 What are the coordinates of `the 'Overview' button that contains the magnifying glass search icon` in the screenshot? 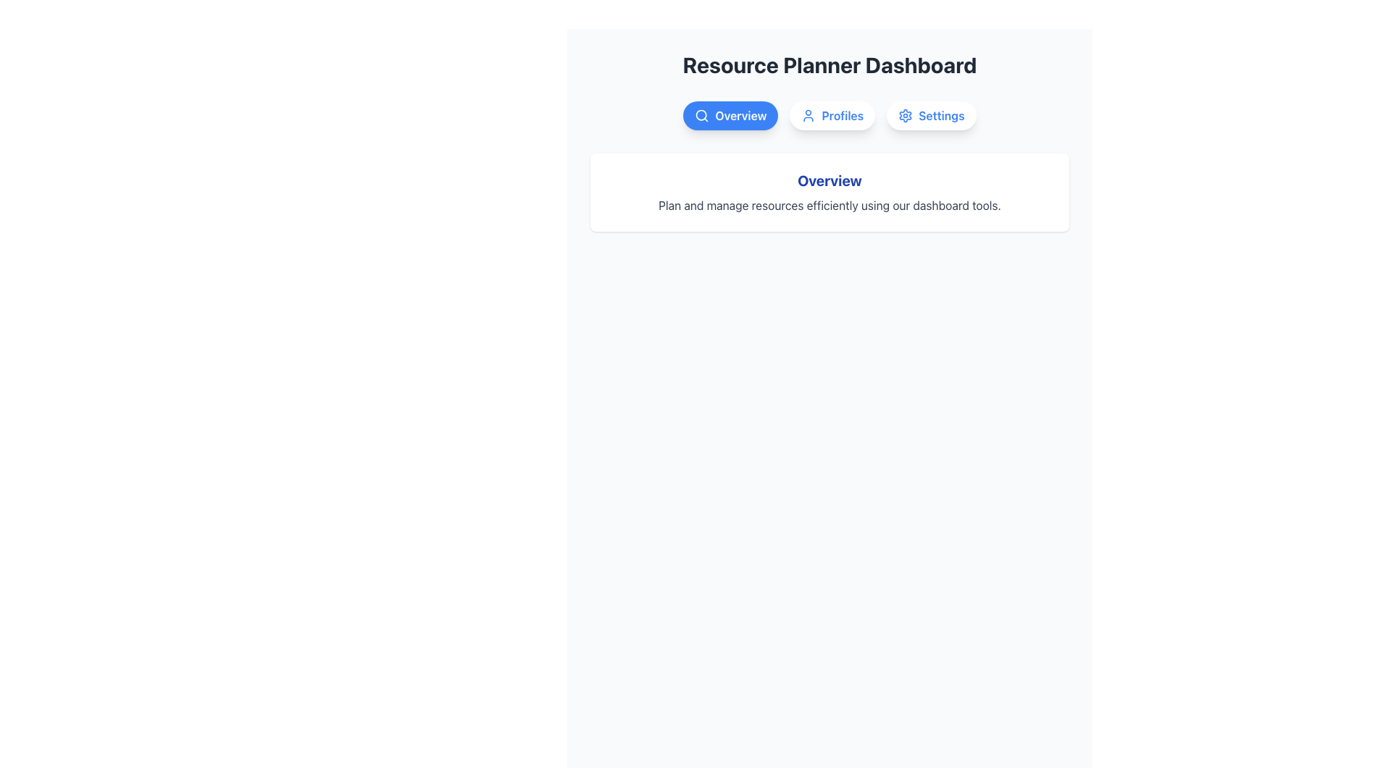 It's located at (702, 114).